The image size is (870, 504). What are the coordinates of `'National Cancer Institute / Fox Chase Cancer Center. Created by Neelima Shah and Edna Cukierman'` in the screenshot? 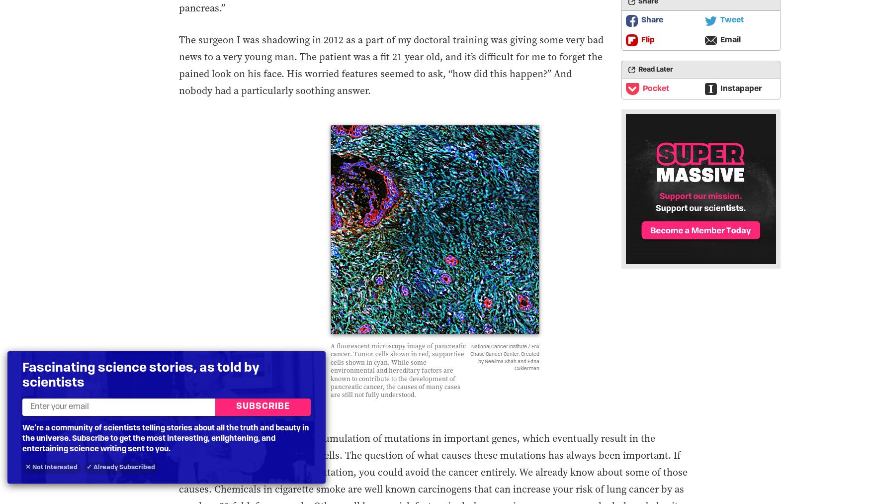 It's located at (504, 358).